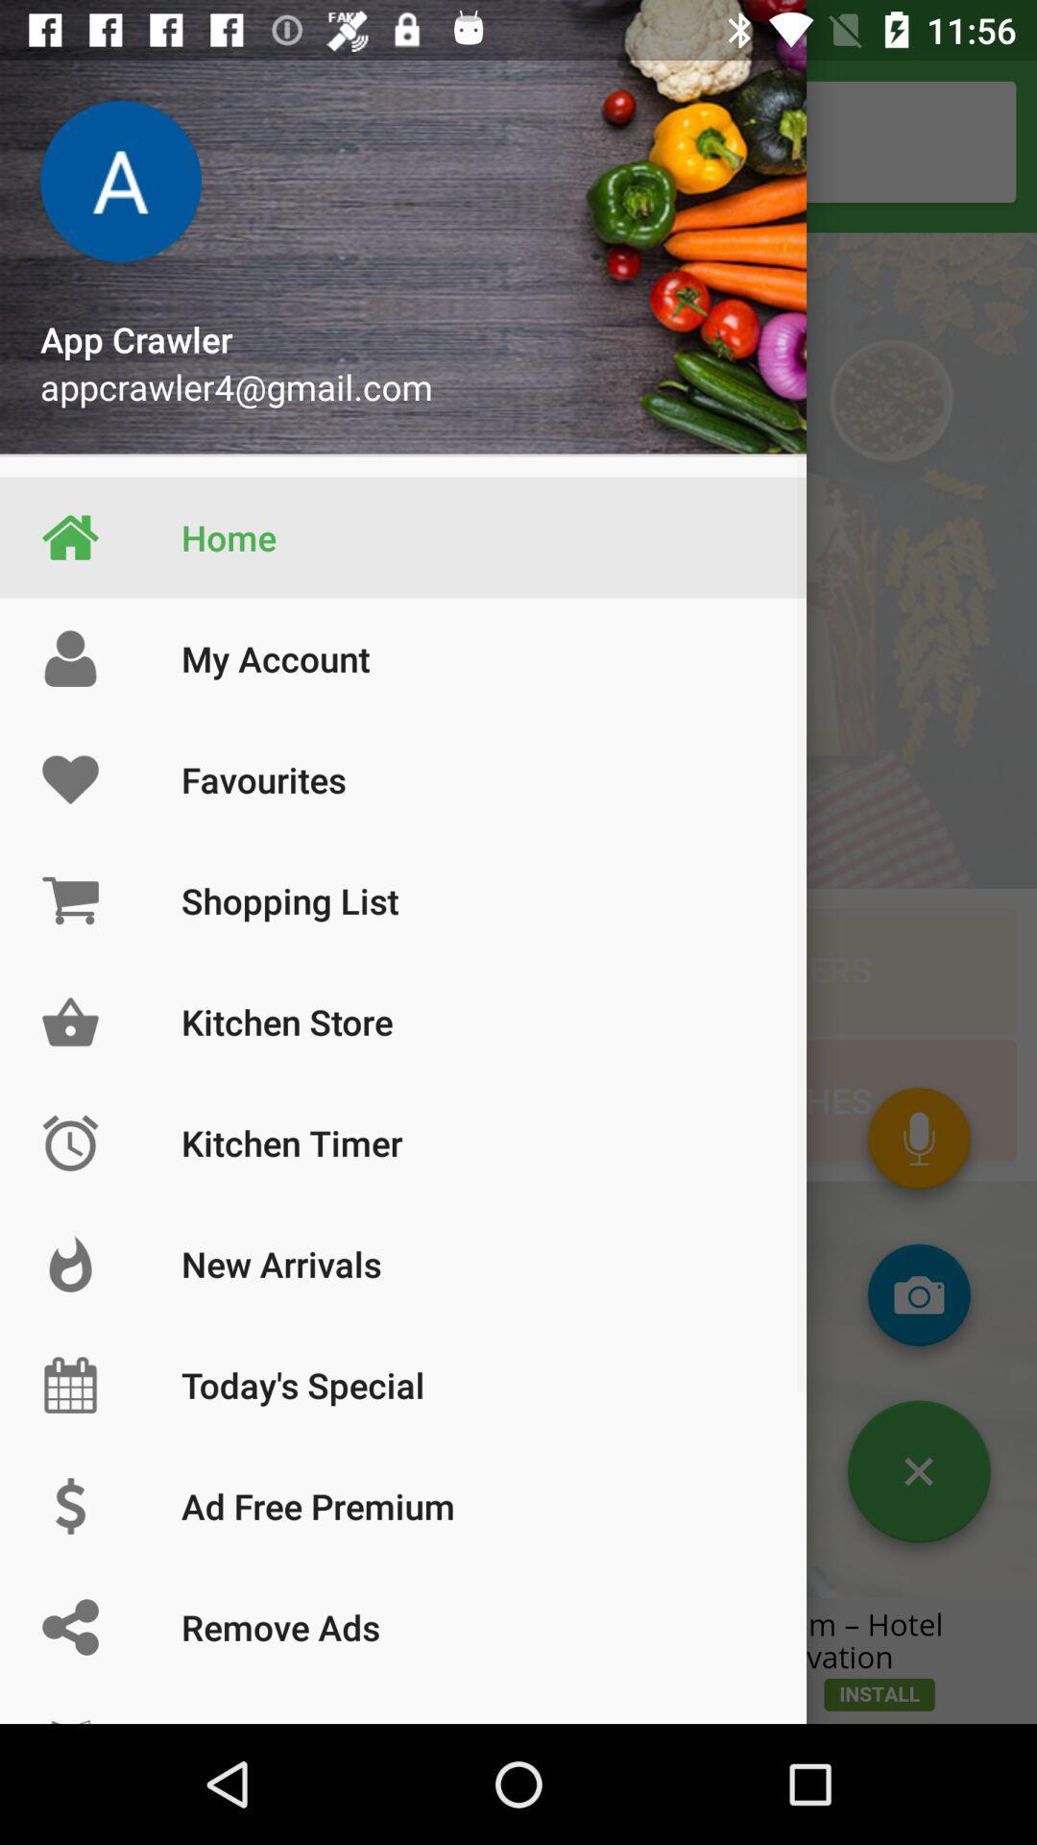  I want to click on the close icon, so click(917, 1478).